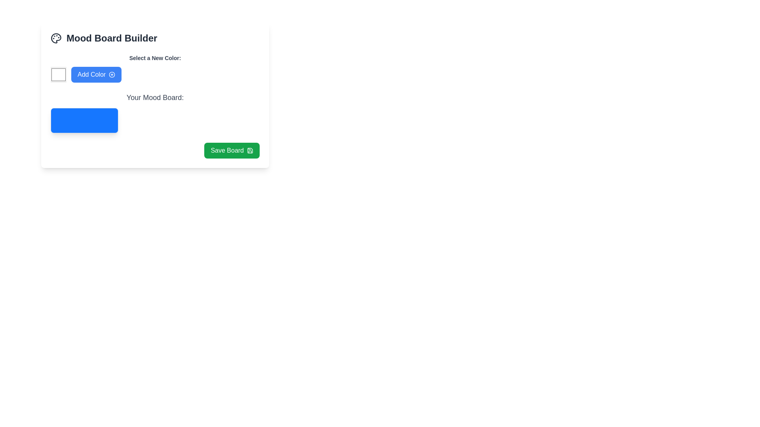 This screenshot has height=427, width=760. I want to click on the circular outline icon located immediately to the right of the blue 'Add Color' button, so click(112, 75).